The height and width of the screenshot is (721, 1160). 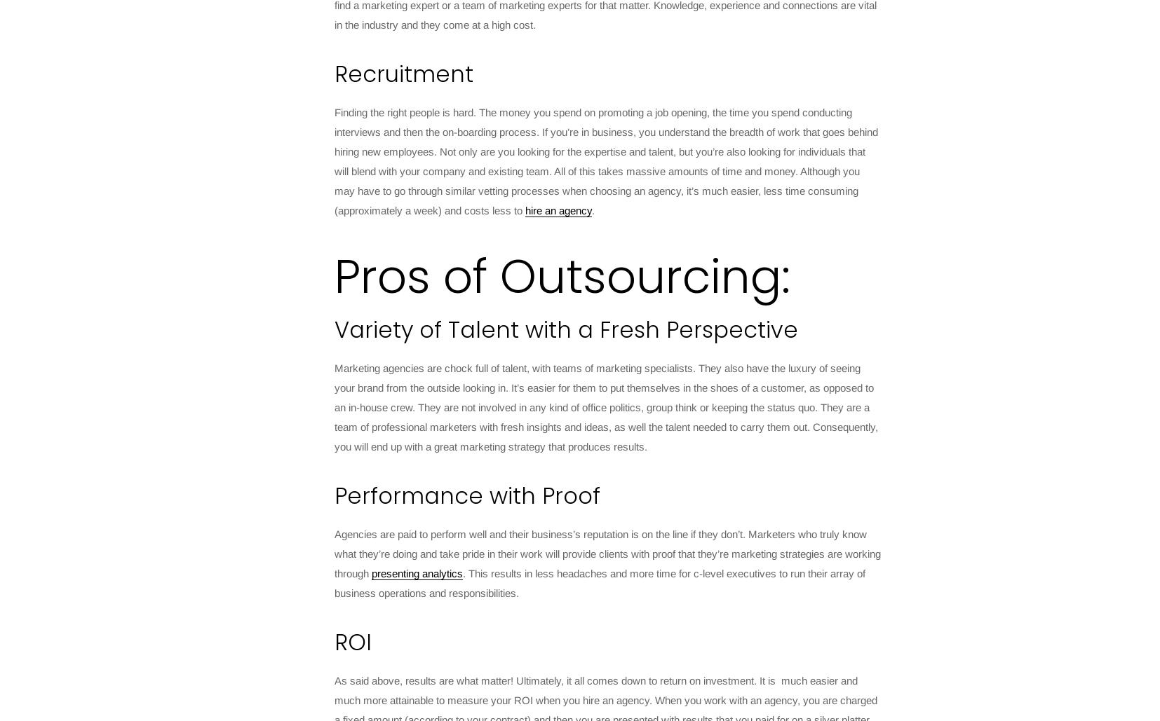 What do you see at coordinates (607, 554) in the screenshot?
I see `'Agencies are paid to perform well and their business’s reputation is on the line if they don’t. Marketers who truly know what they’re doing and take pride in their work will provide clients with proof that they’re marketing strategies are working through'` at bounding box center [607, 554].